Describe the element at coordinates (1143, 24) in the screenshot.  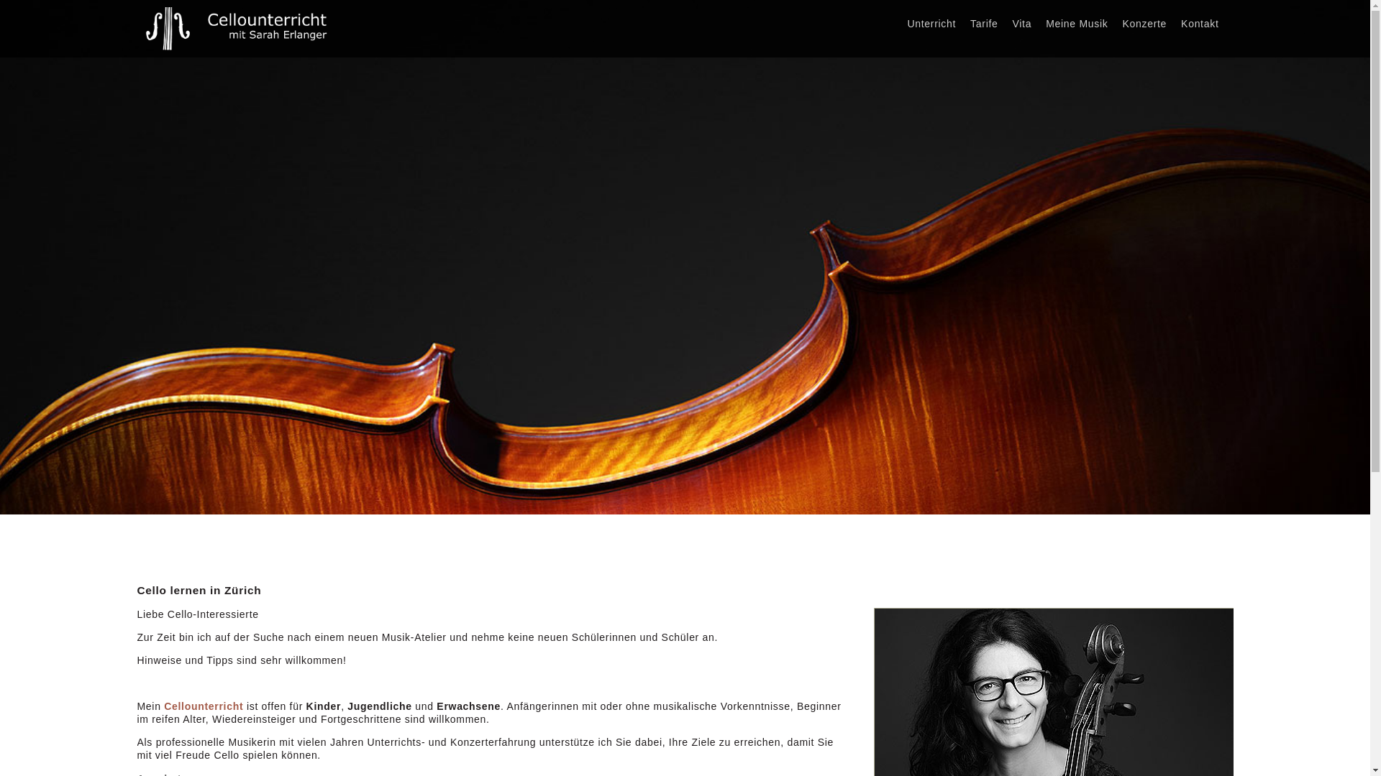
I see `'Konzerte'` at that location.